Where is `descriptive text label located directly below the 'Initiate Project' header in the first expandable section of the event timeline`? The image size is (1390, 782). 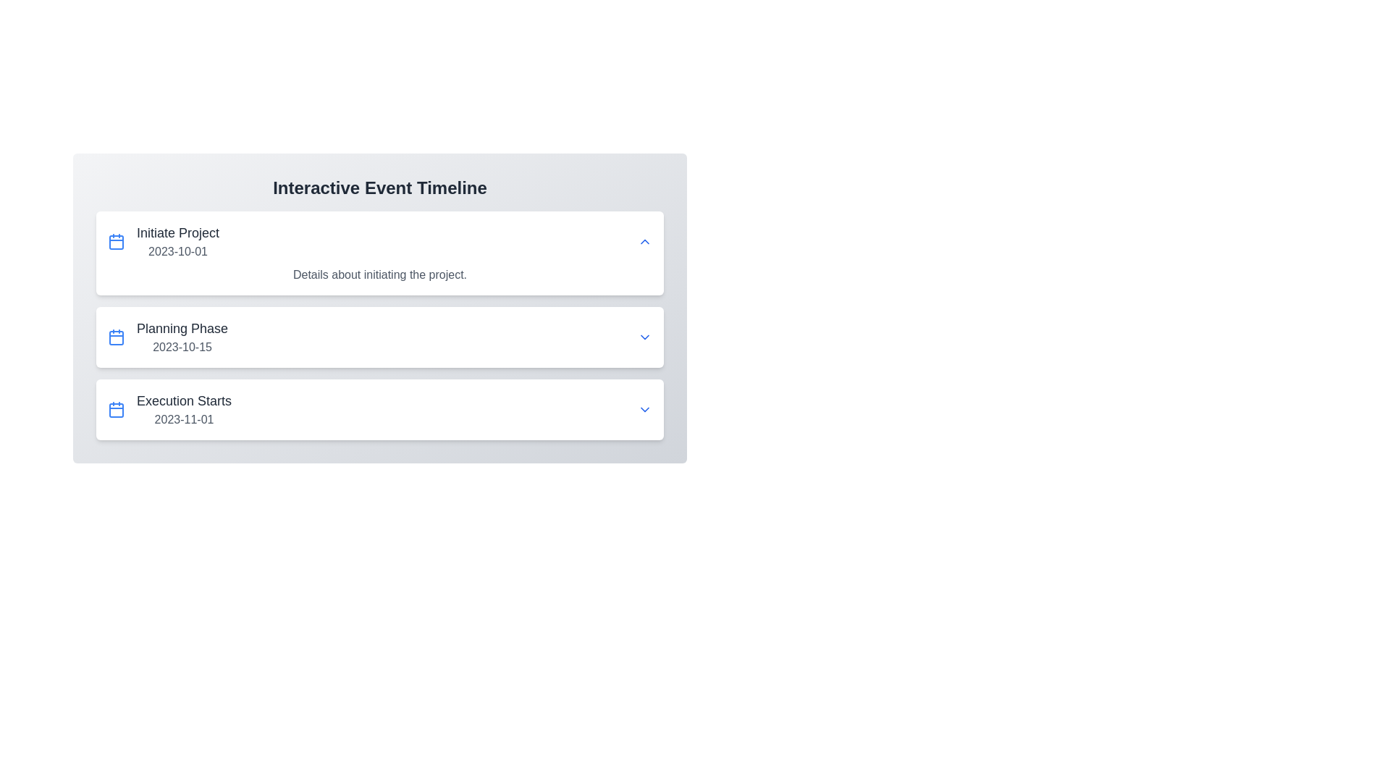 descriptive text label located directly below the 'Initiate Project' header in the first expandable section of the event timeline is located at coordinates (379, 275).